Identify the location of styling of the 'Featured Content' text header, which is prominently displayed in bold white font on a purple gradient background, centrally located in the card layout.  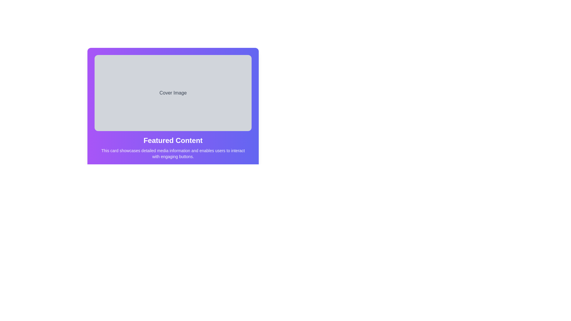
(172, 141).